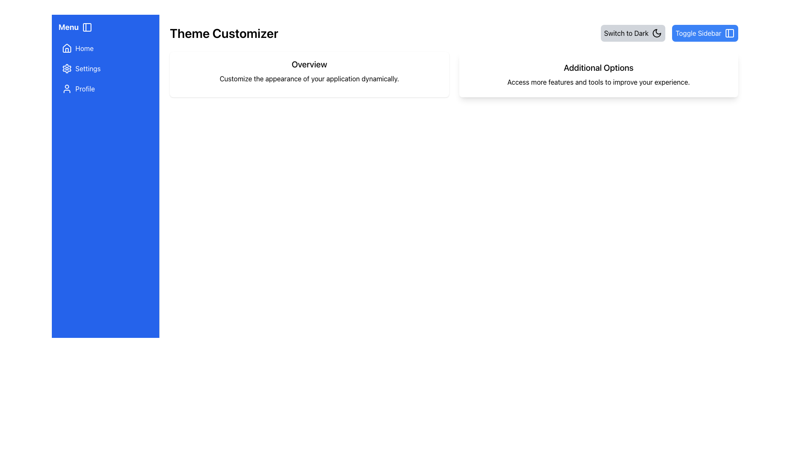  What do you see at coordinates (66, 48) in the screenshot?
I see `the 'Home' navigation icon in the left vertical navigation bar` at bounding box center [66, 48].